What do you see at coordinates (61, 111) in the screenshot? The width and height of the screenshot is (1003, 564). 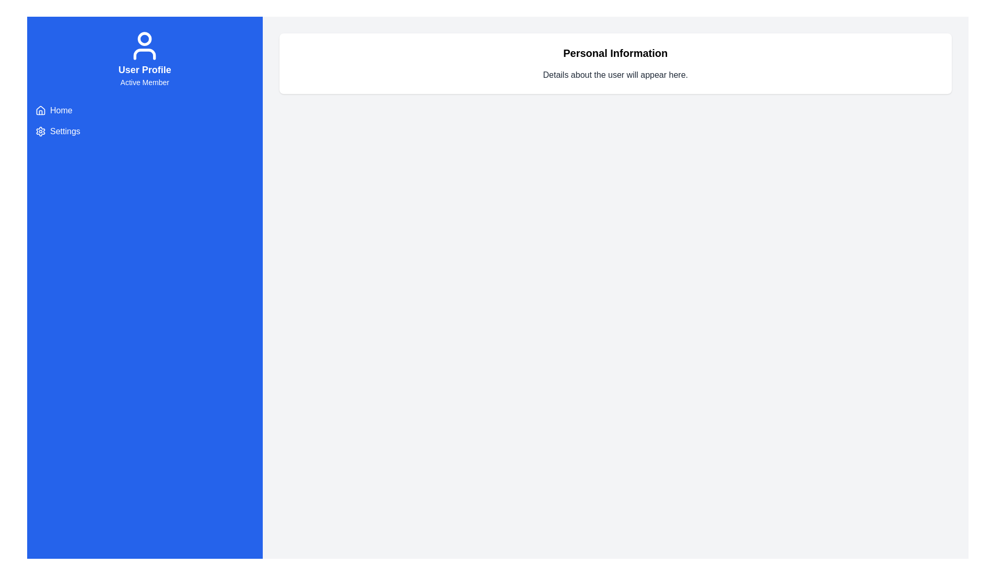 I see `the 'Home' navigation link in the blue sidebar` at bounding box center [61, 111].